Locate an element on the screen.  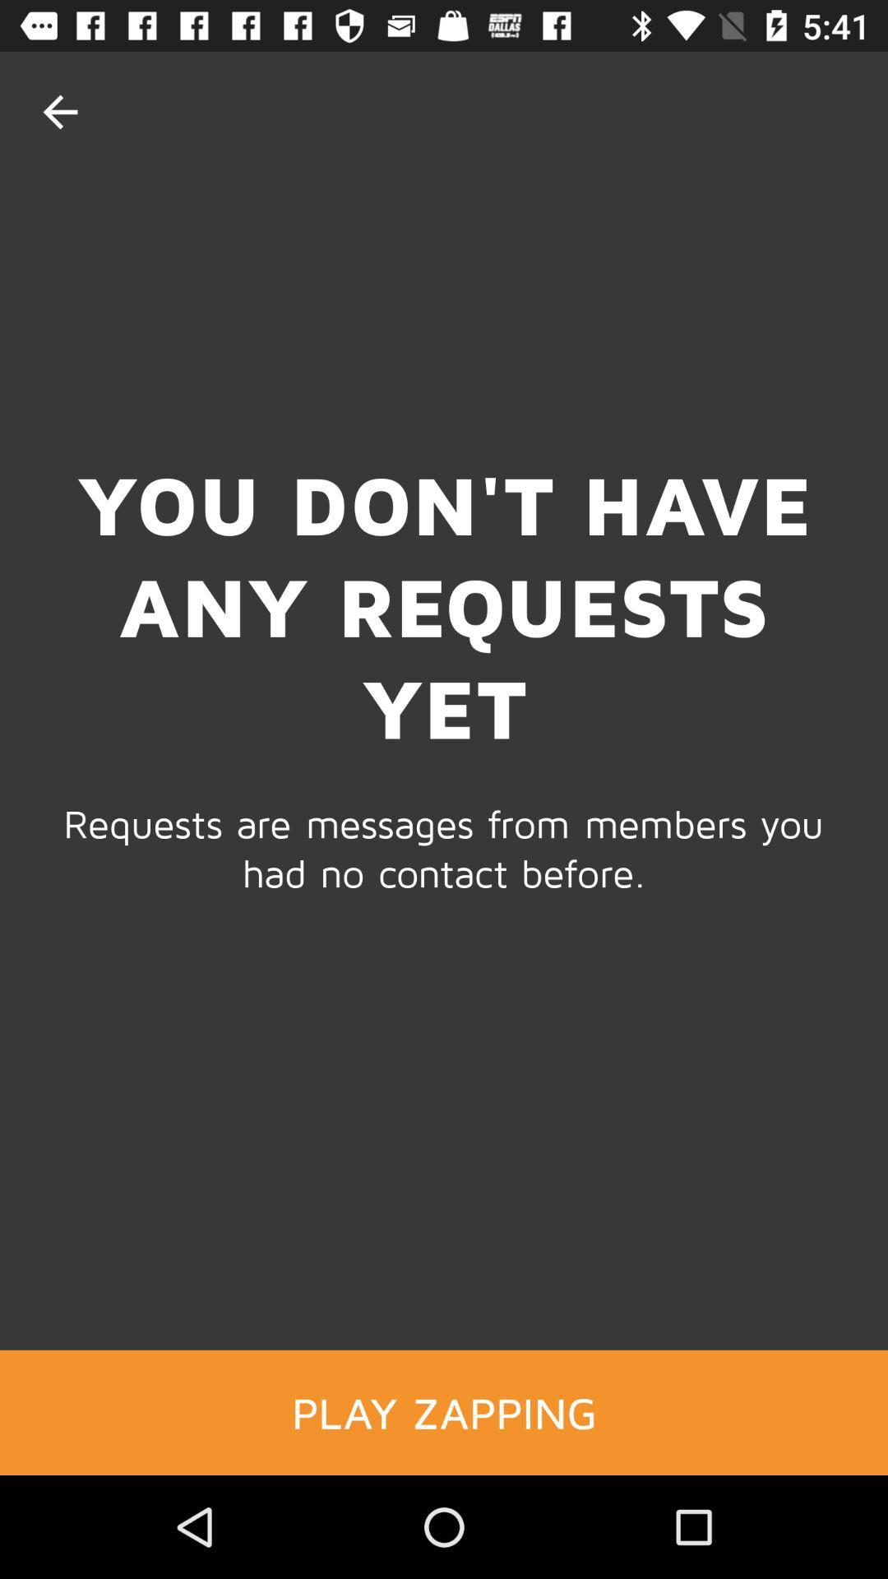
play zapping is located at coordinates (444, 1411).